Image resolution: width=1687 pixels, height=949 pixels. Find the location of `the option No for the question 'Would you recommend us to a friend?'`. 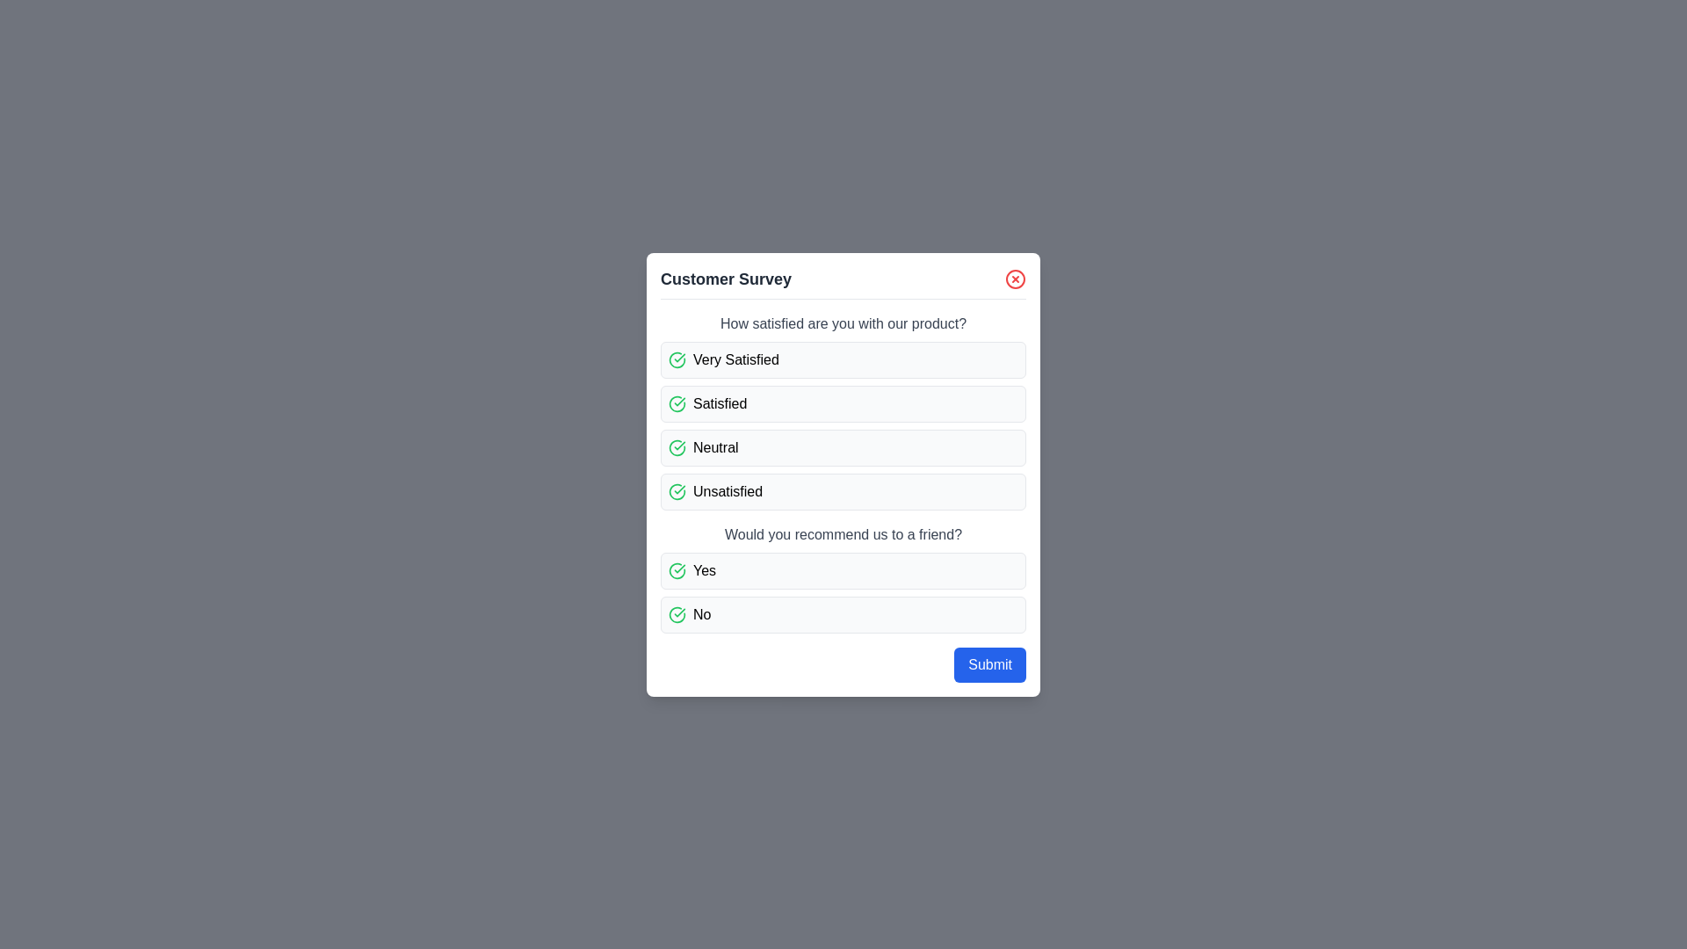

the option No for the question 'Would you recommend us to a friend?' is located at coordinates (843, 613).